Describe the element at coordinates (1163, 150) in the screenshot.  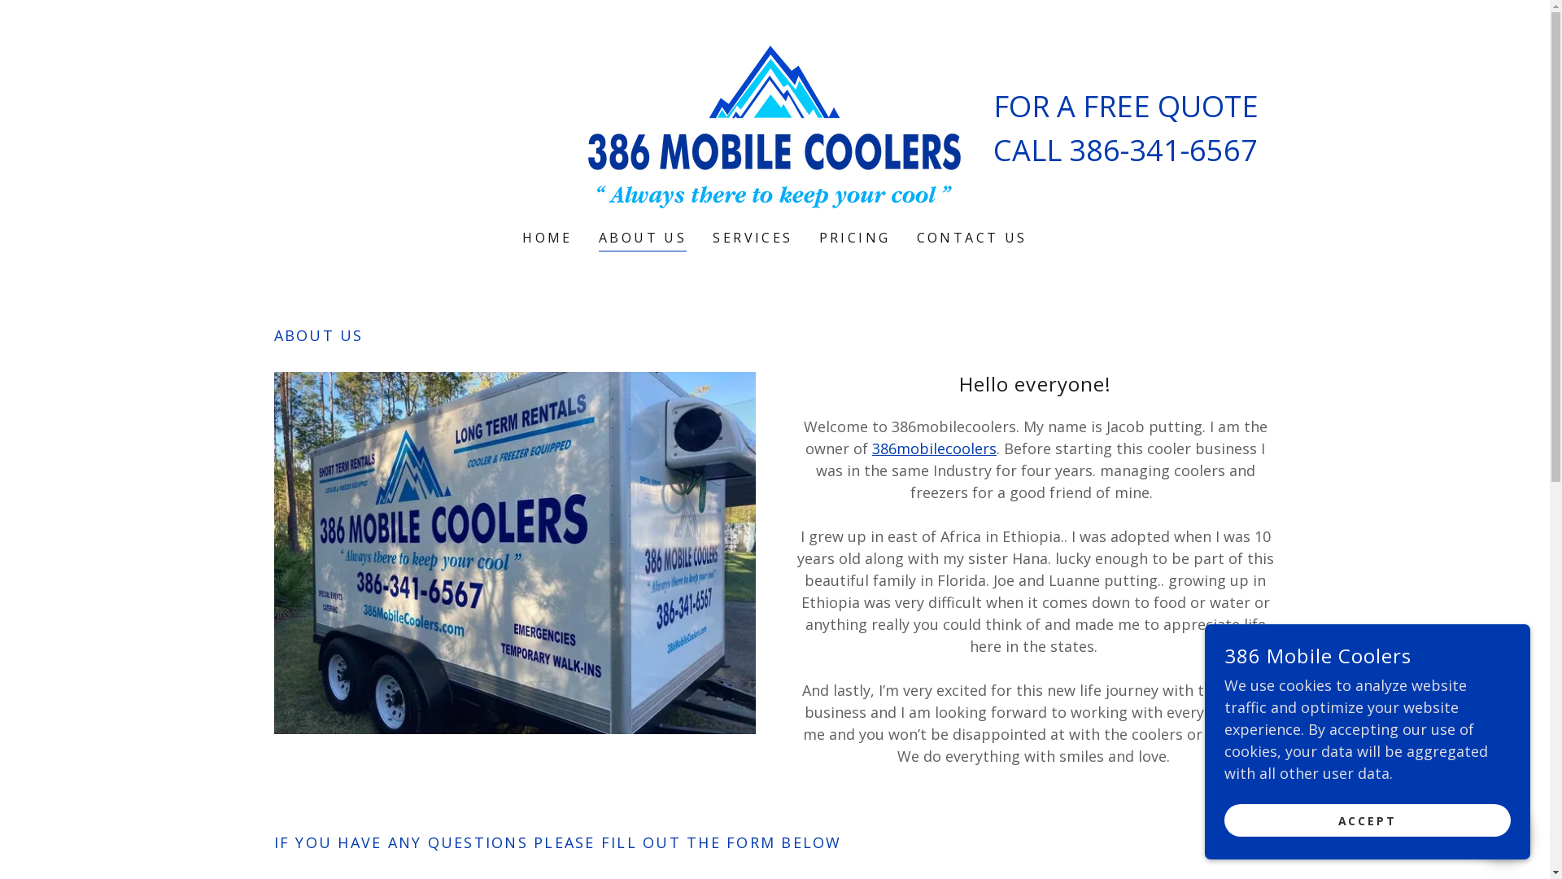
I see `'386-341-6567'` at that location.